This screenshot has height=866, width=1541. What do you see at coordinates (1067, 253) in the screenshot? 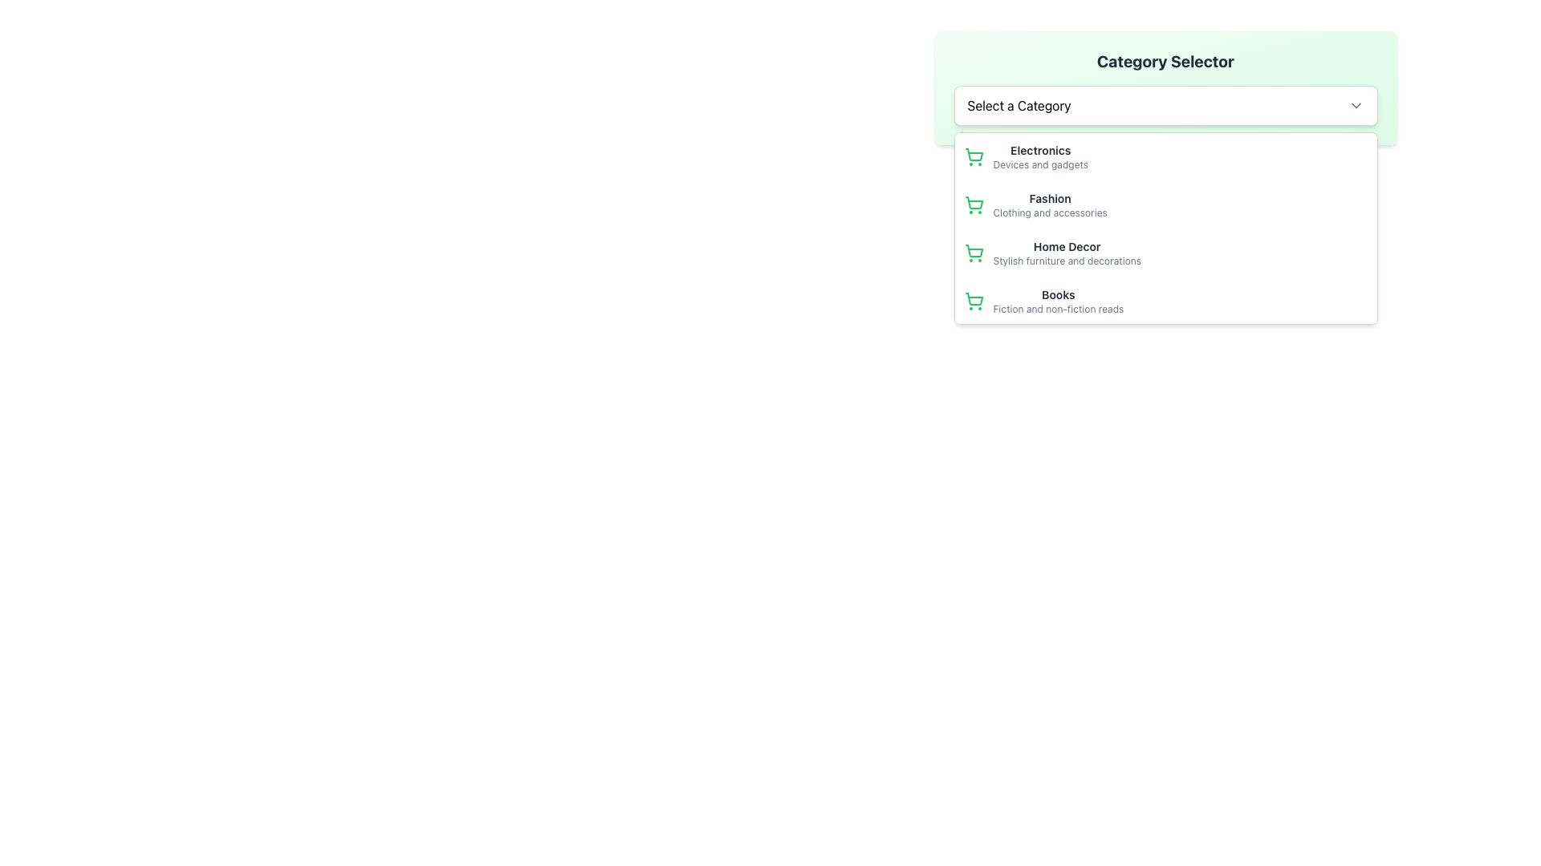
I see `the 'Home Decor' category list item, which features bold text for the title and smaller descriptive text beneath it` at bounding box center [1067, 253].